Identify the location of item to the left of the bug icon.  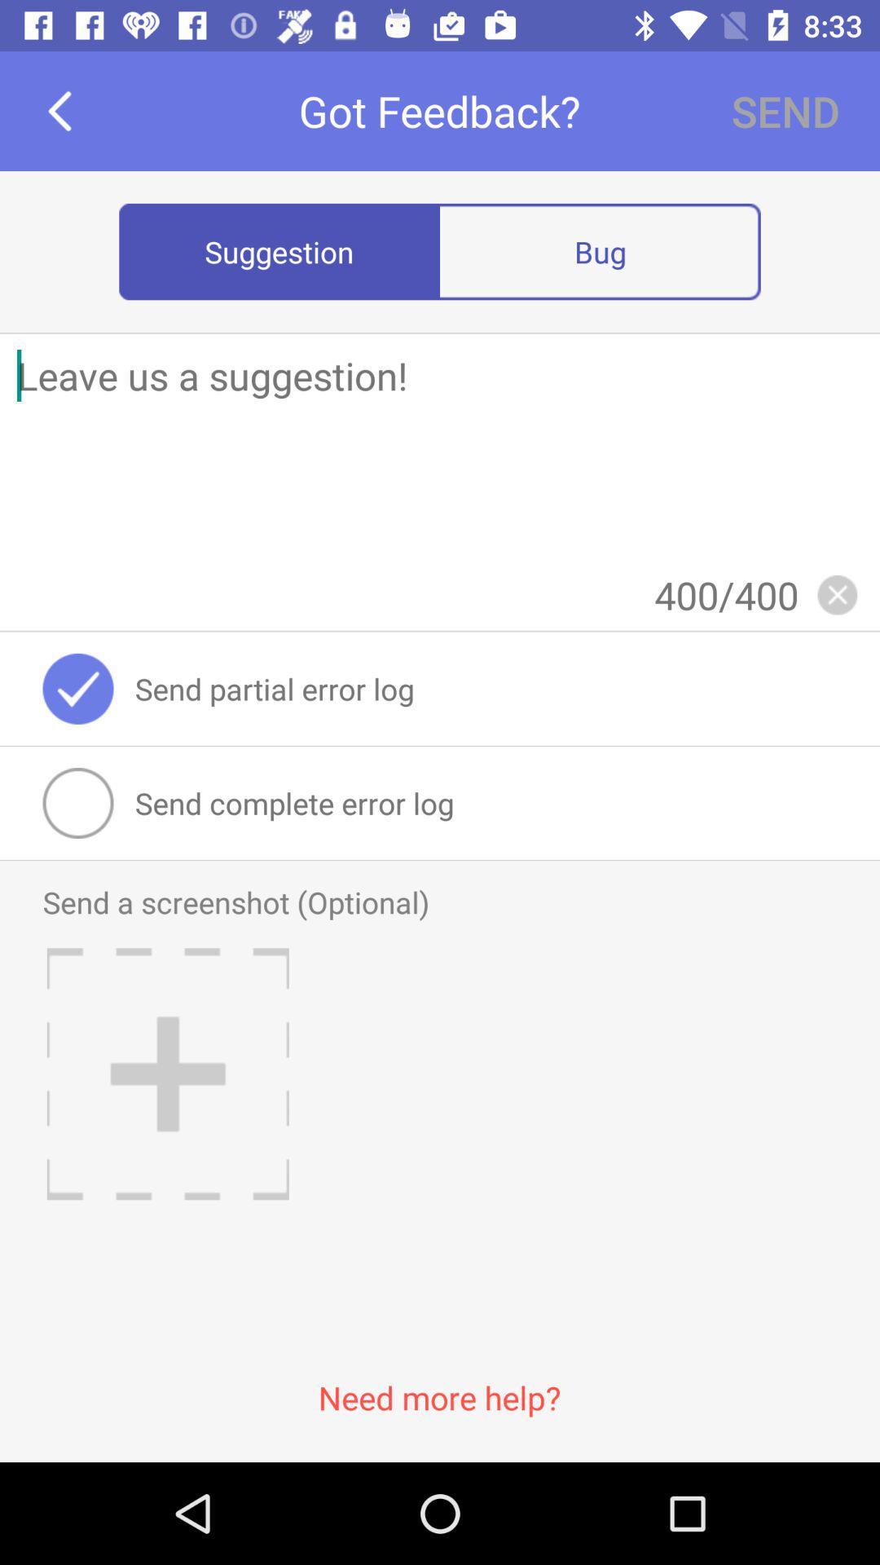
(279, 250).